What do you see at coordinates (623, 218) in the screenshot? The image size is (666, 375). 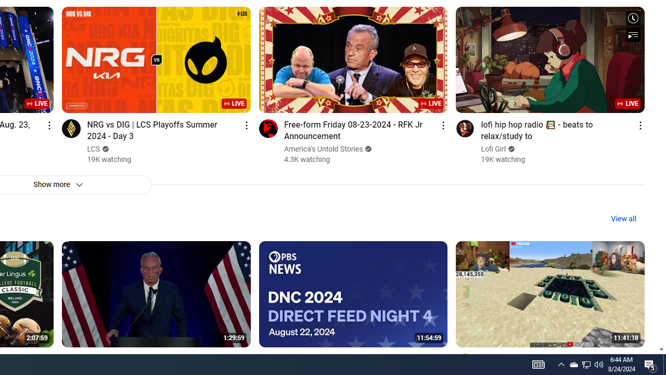 I see `'View all'` at bounding box center [623, 218].